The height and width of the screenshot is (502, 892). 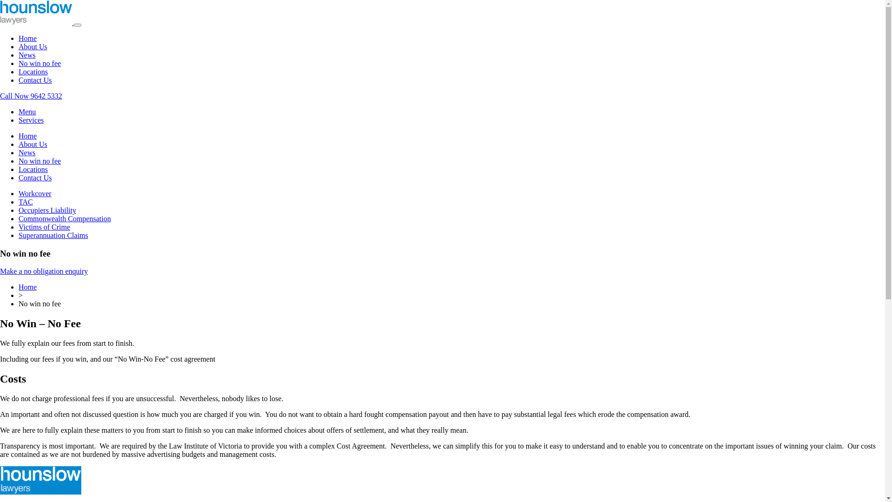 I want to click on 'No win no fee', so click(x=39, y=63).